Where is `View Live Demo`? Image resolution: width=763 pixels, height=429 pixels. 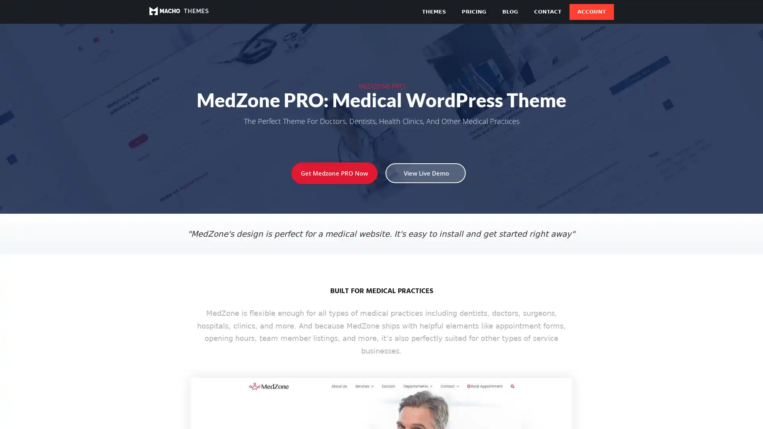 View Live Demo is located at coordinates (425, 172).